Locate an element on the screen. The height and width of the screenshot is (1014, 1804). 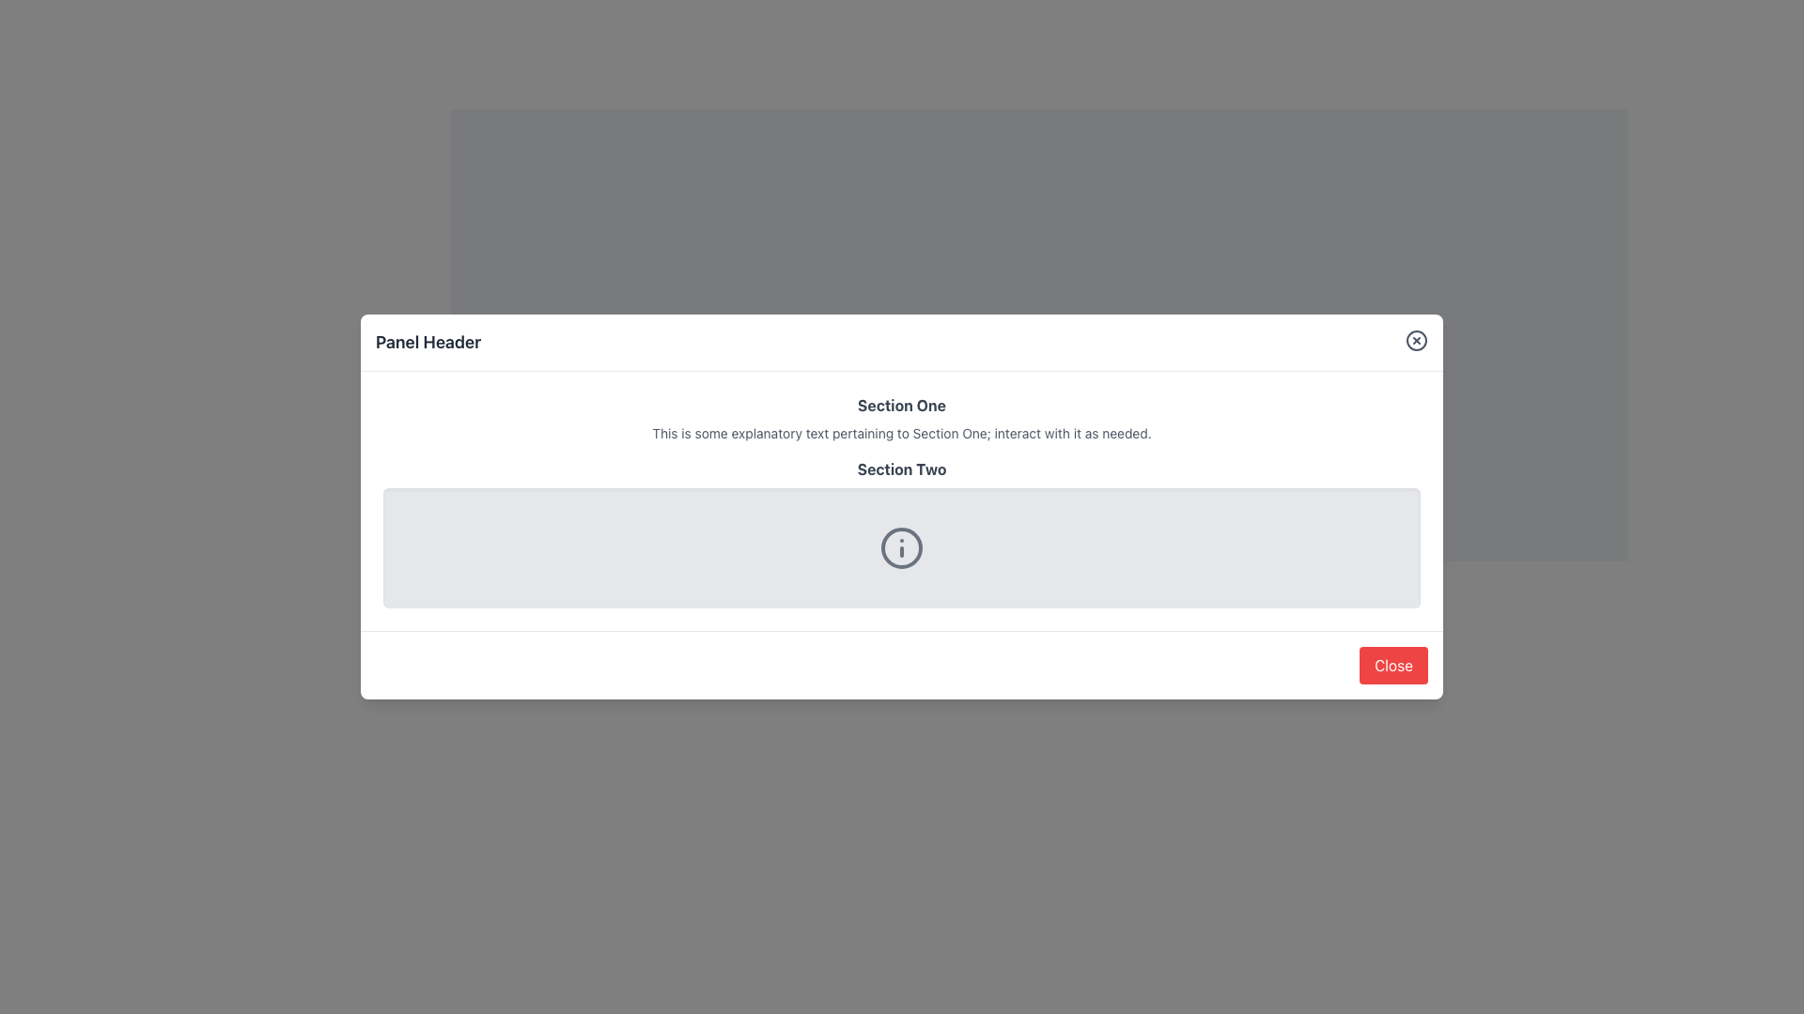
the 'Close' button, which is a rectangular button with a red background and white text, located at the bottom-right corner of the modal dialog is located at coordinates (1393, 665).